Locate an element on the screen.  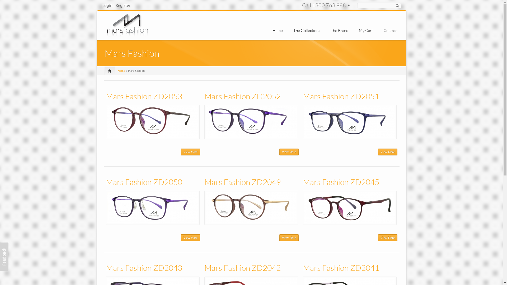
'zd2045' is located at coordinates (350, 207).